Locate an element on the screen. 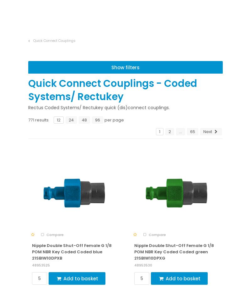 The width and height of the screenshot is (251, 286). '...' is located at coordinates (180, 245).